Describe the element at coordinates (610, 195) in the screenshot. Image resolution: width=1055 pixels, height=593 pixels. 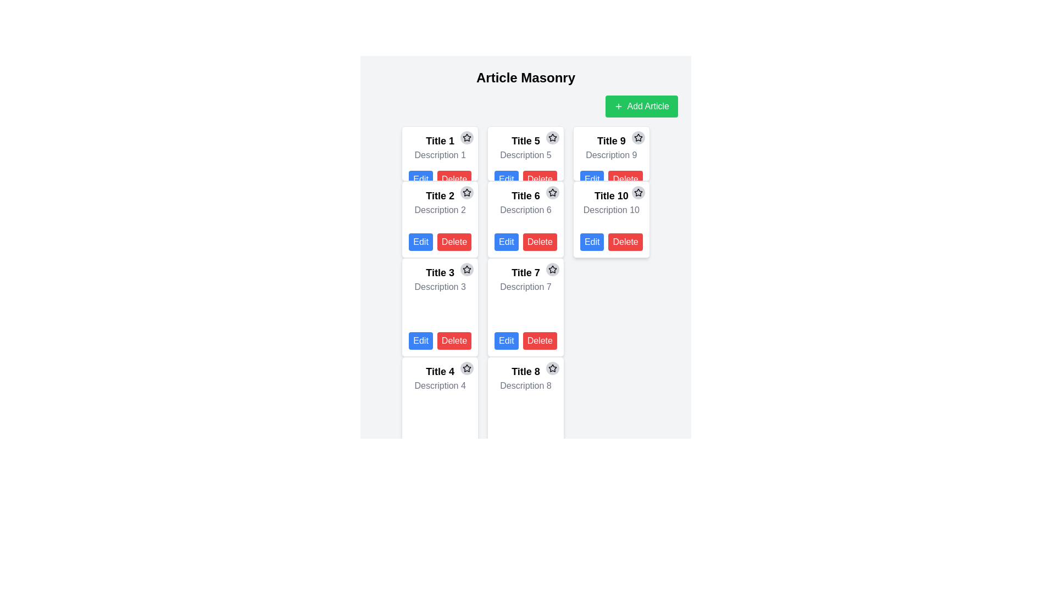
I see `the text label that serves as the title or headline for the associated card, located in the far-right column under 'Article Masonry', above the description 'Description 10'` at that location.